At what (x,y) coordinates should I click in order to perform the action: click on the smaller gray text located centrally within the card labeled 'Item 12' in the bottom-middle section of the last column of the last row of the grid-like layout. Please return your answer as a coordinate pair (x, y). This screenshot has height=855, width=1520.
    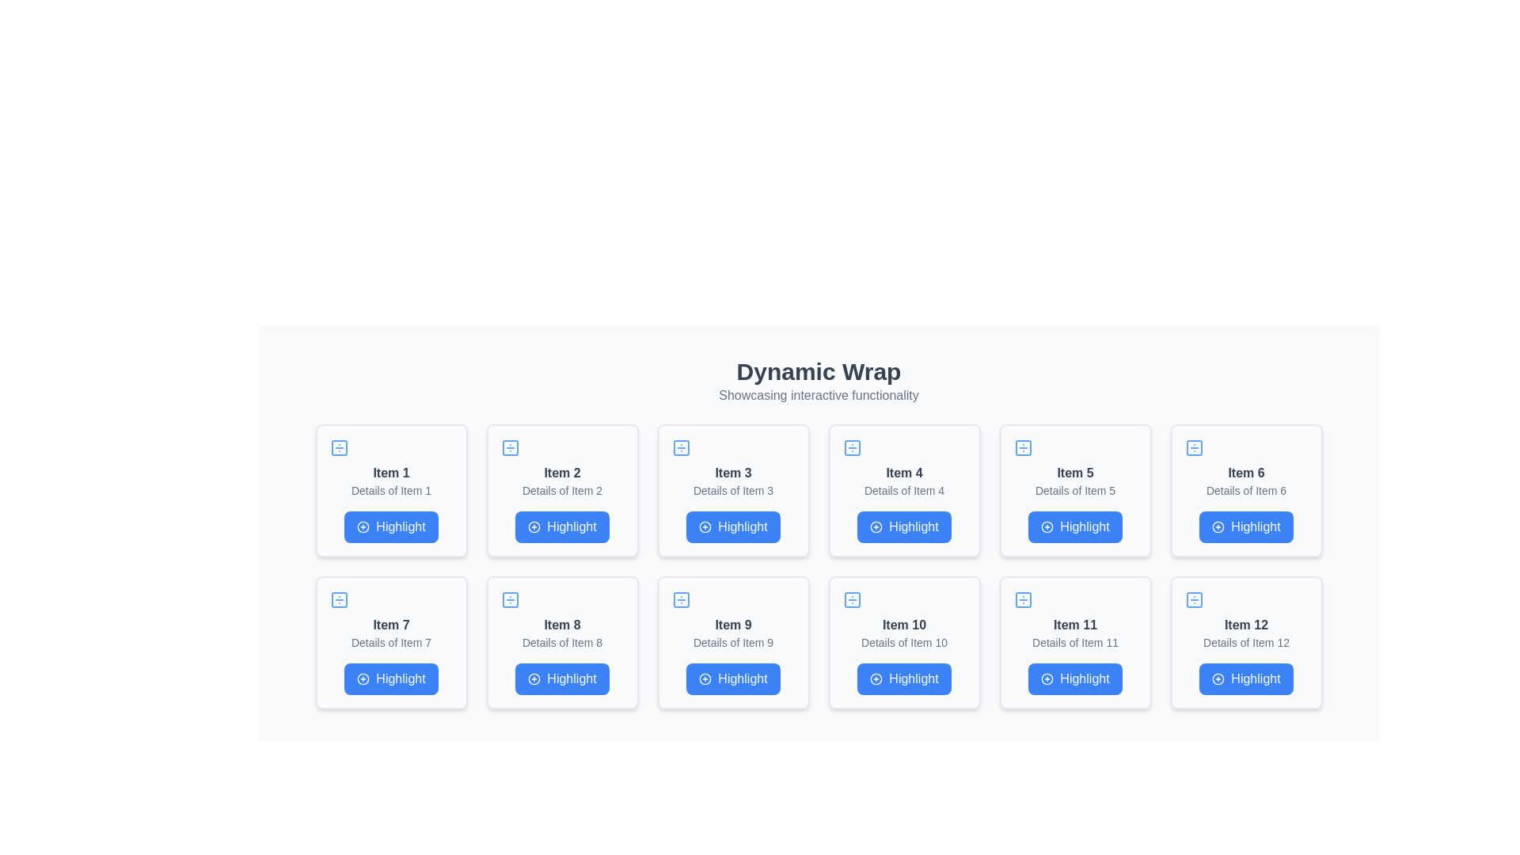
    Looking at the image, I should click on (1245, 643).